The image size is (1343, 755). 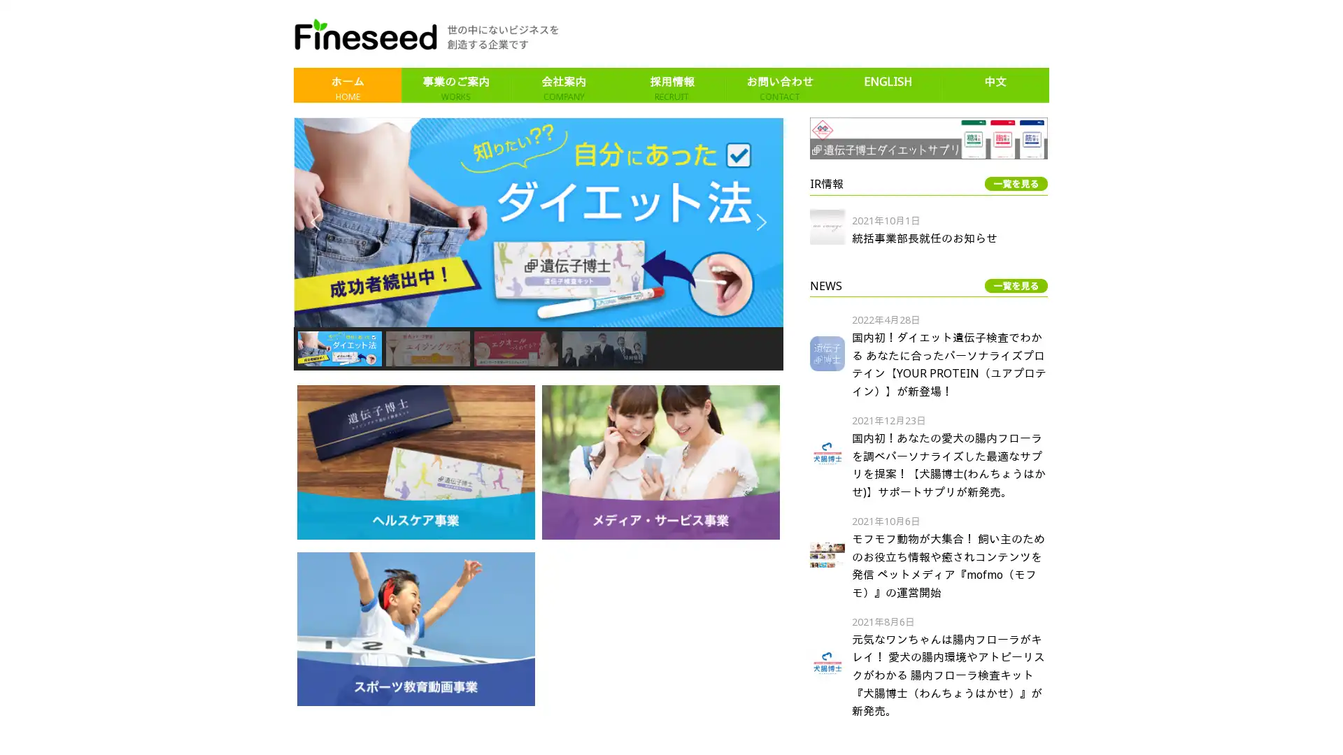 What do you see at coordinates (761, 221) in the screenshot?
I see `next arrow` at bounding box center [761, 221].